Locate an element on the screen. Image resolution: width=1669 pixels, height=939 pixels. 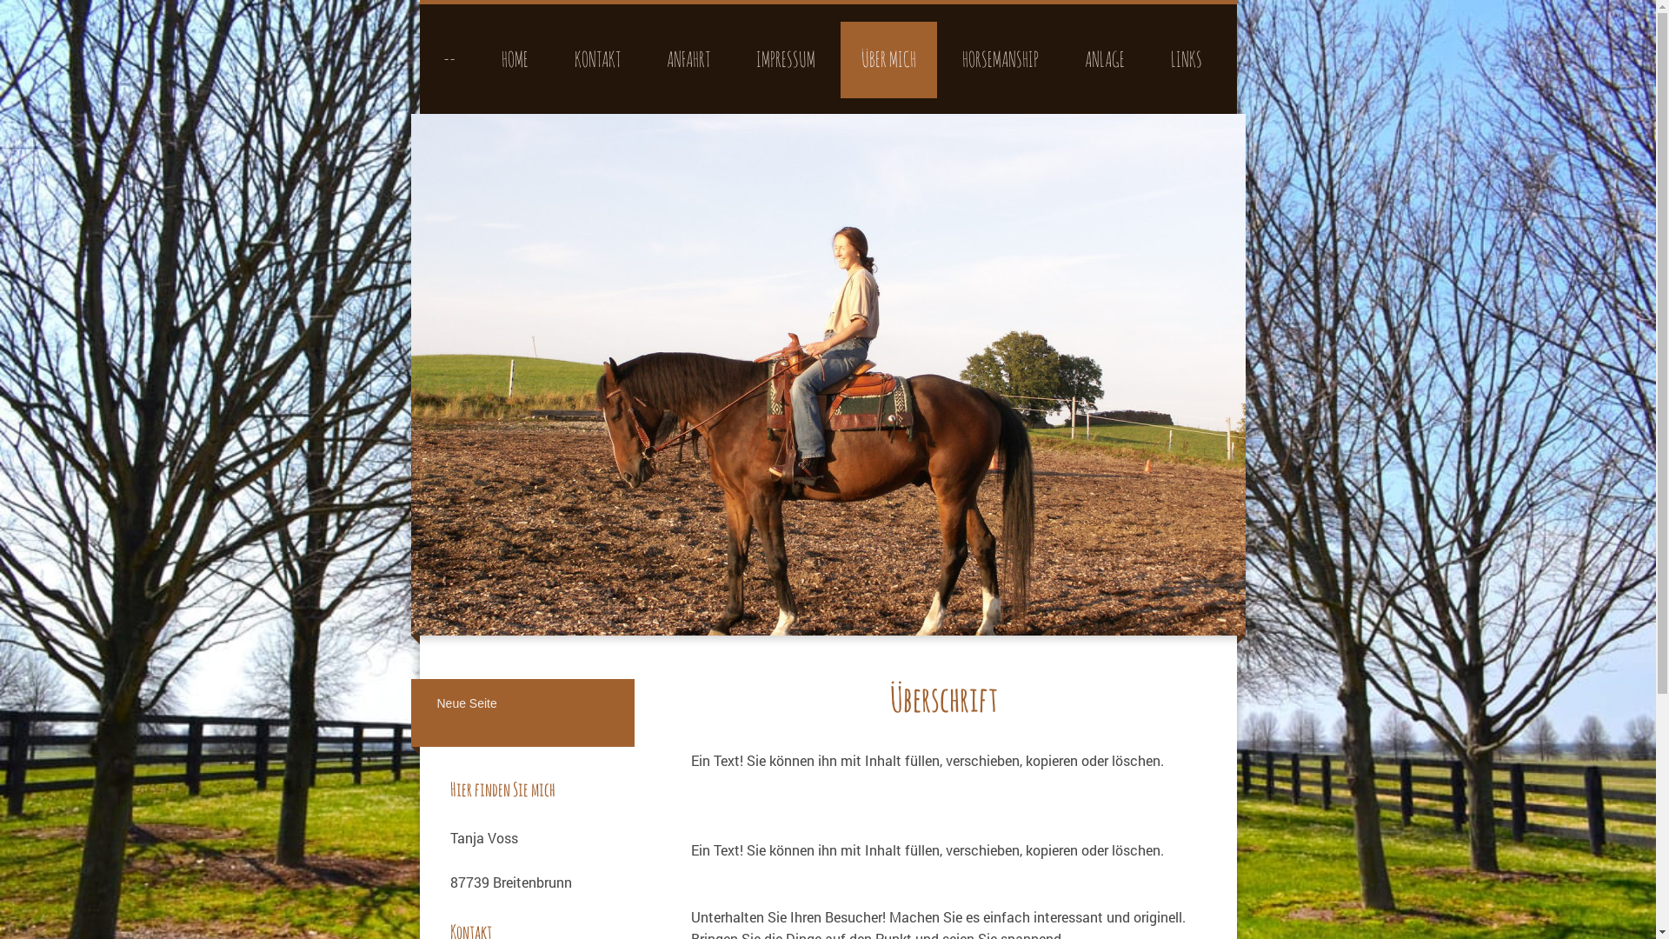
'HORSEMANSHIP' is located at coordinates (1000, 59).